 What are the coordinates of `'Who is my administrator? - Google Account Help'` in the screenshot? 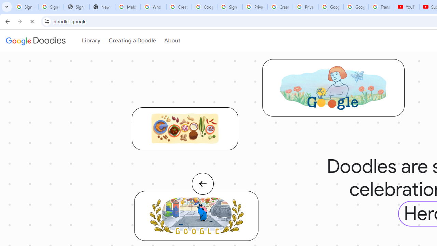 It's located at (153, 7).